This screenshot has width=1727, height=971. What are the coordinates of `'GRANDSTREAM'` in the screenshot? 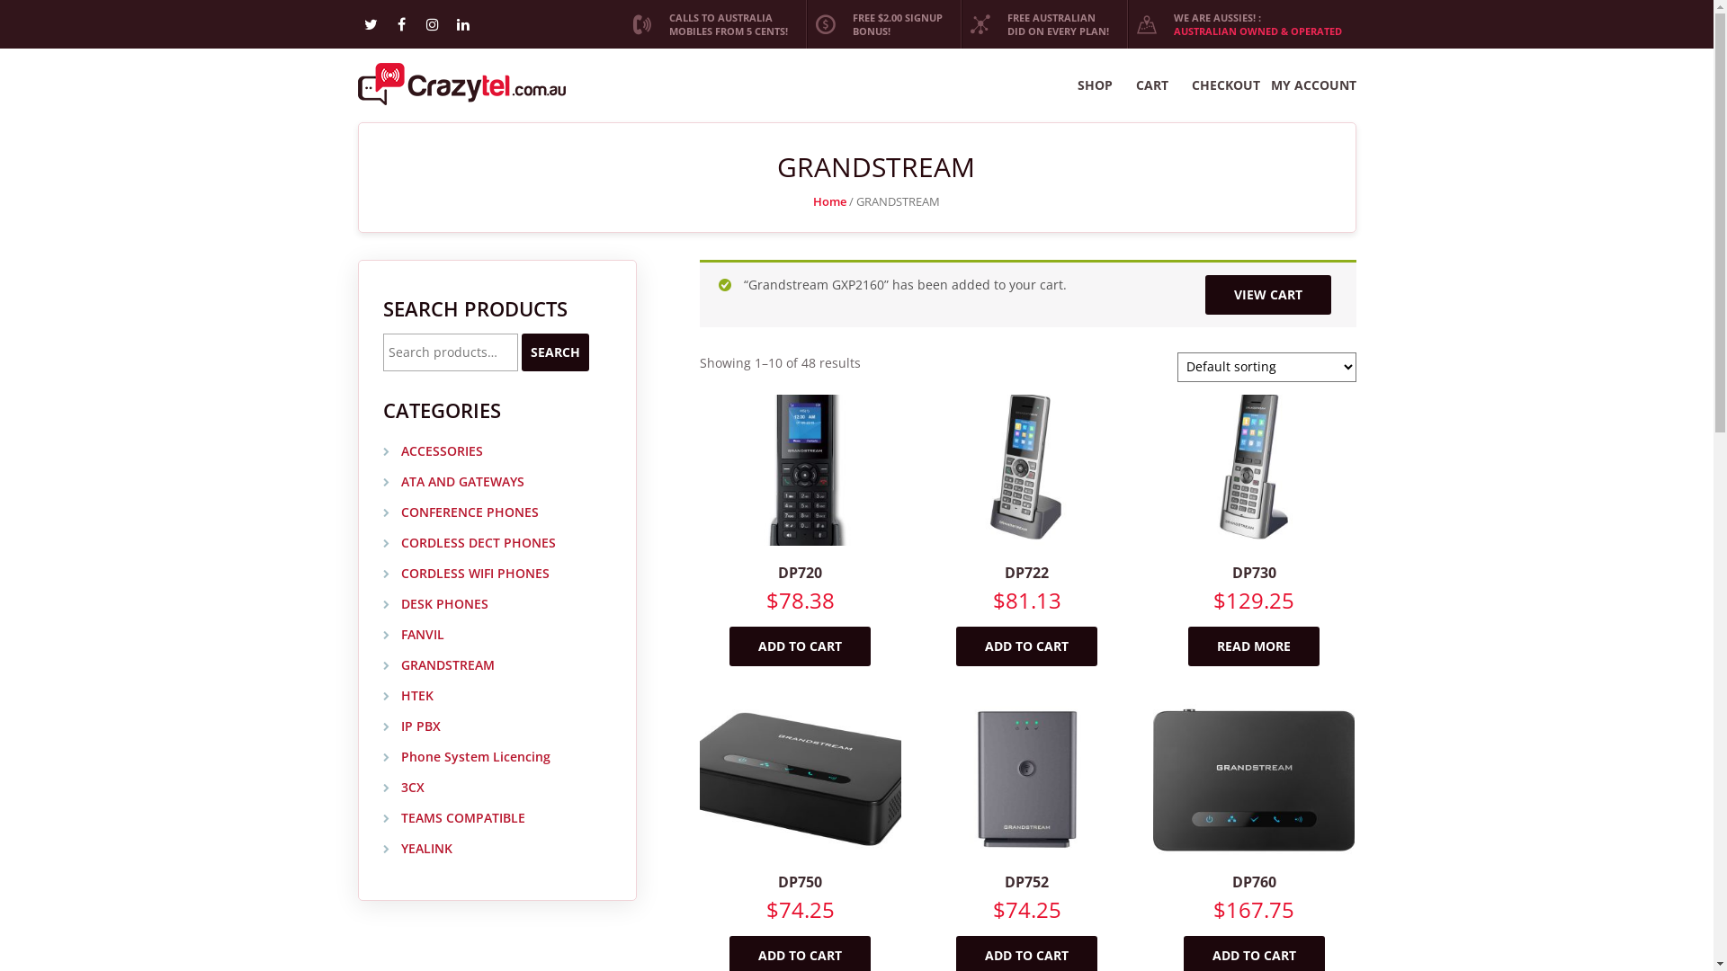 It's located at (439, 665).